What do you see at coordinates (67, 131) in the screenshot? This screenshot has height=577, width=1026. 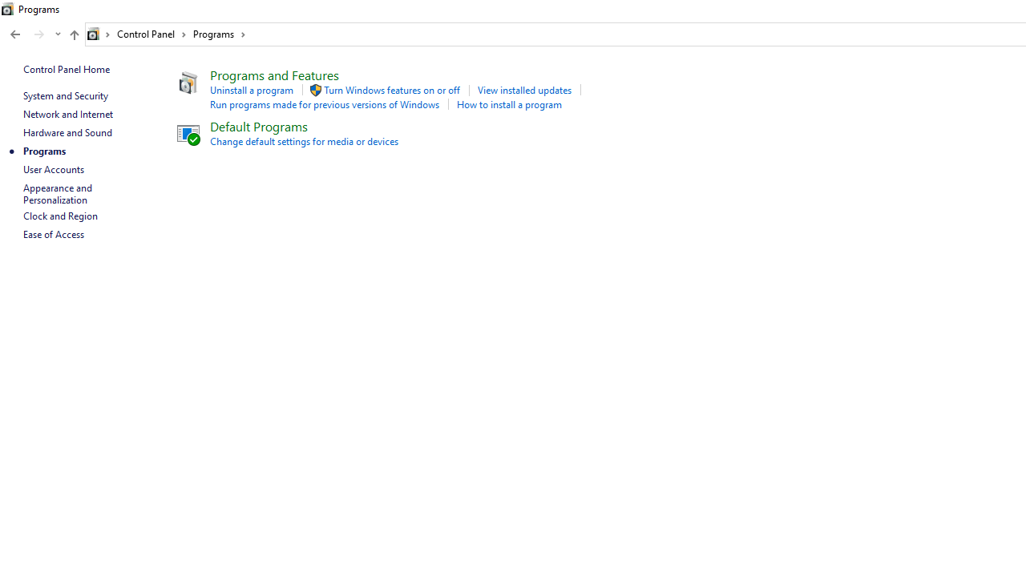 I see `'Hardware and Sound'` at bounding box center [67, 131].